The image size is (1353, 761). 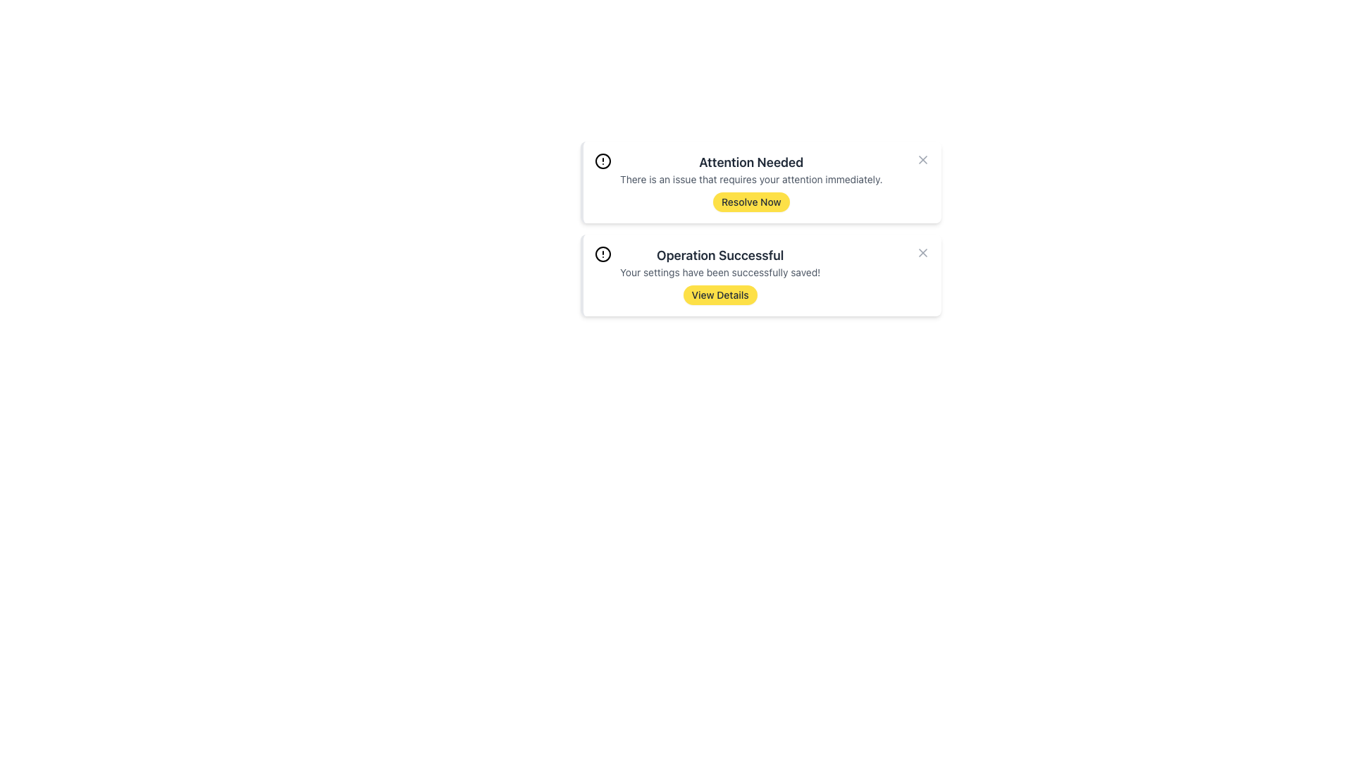 What do you see at coordinates (603, 160) in the screenshot?
I see `the largest circular layer of the alert icon, which is part of the 'Attention Needed' notification card located in the top-left corner` at bounding box center [603, 160].